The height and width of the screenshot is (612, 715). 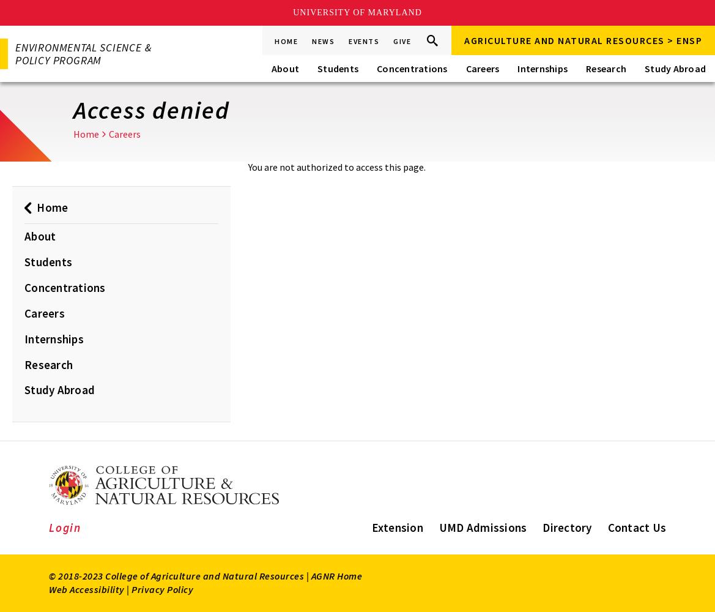 I want to click on '© 2018-2023 College of Agriculture and Natural Resources
                |', so click(x=179, y=575).